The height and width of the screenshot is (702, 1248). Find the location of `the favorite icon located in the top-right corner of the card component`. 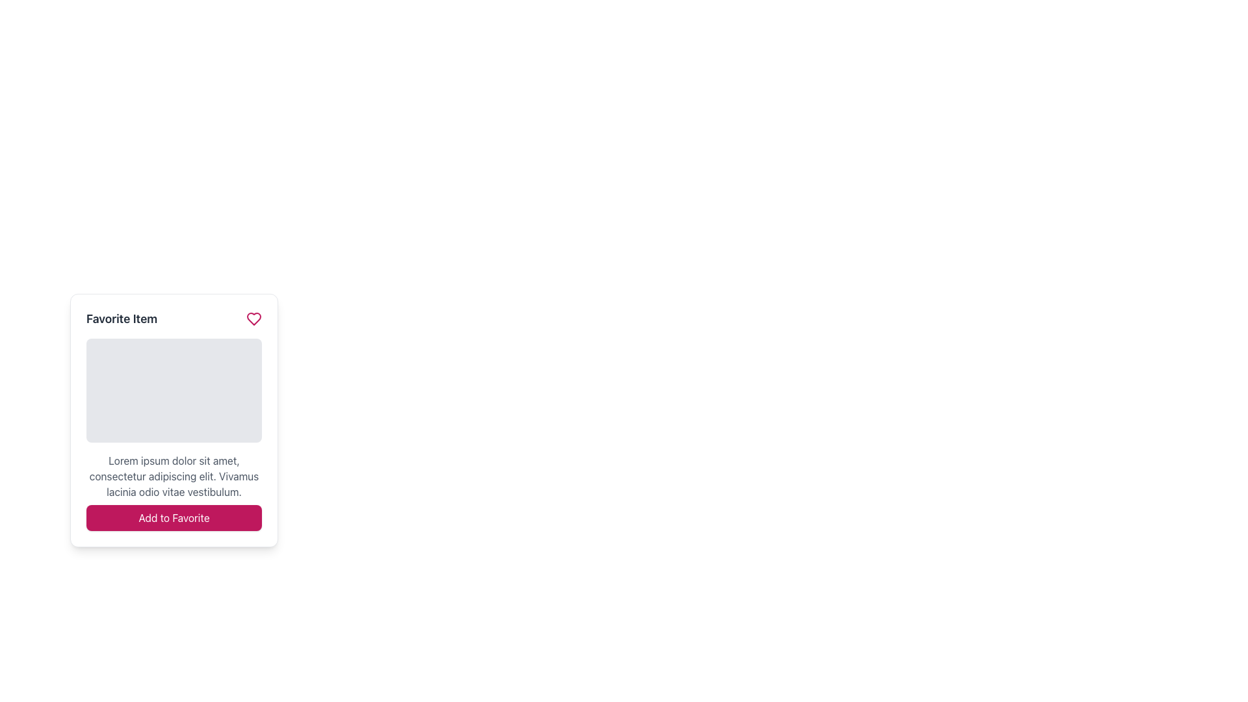

the favorite icon located in the top-right corner of the card component is located at coordinates (253, 318).